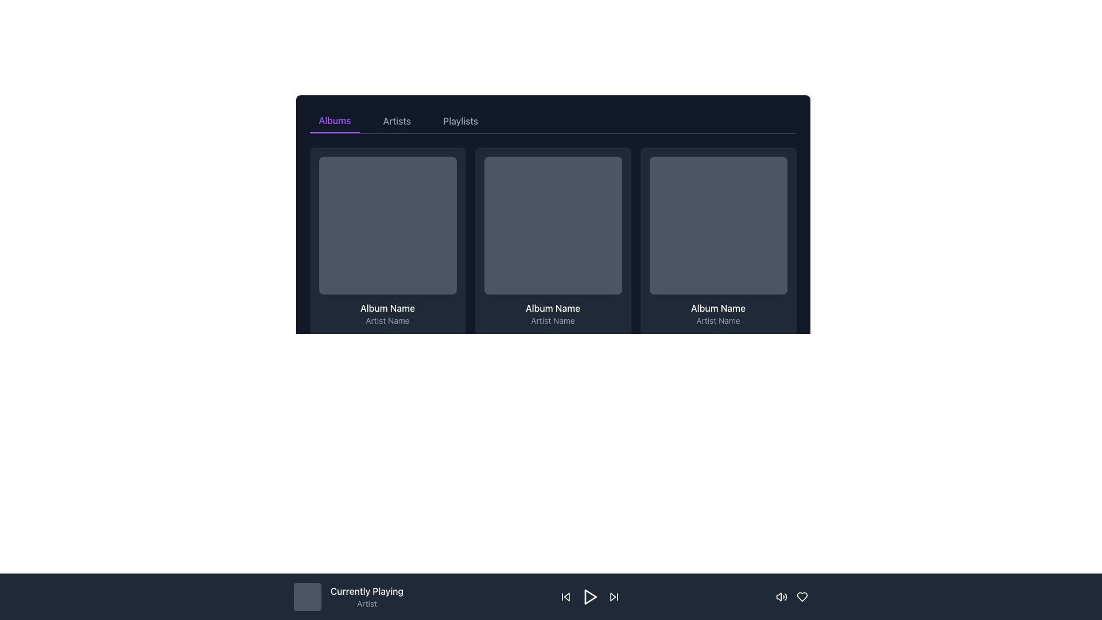 The width and height of the screenshot is (1102, 620). What do you see at coordinates (717, 307) in the screenshot?
I see `text content of the 'Album Name' label, which is displayed in bold white font, located in the third album card from the left, beneath the album thumbnail placeholder` at bounding box center [717, 307].